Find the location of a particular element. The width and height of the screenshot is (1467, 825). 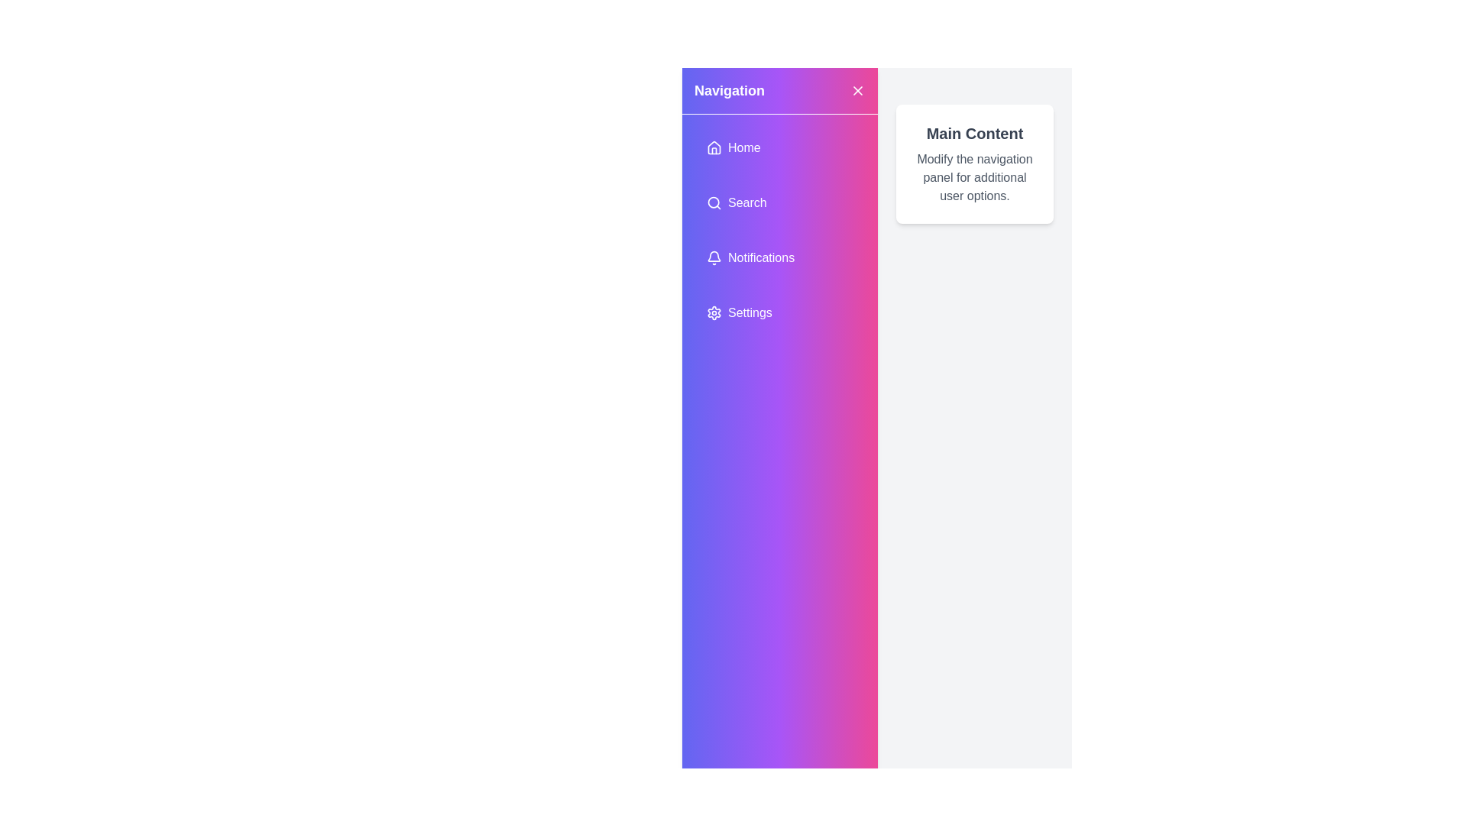

the second navigation button in the left panel is located at coordinates (737, 202).